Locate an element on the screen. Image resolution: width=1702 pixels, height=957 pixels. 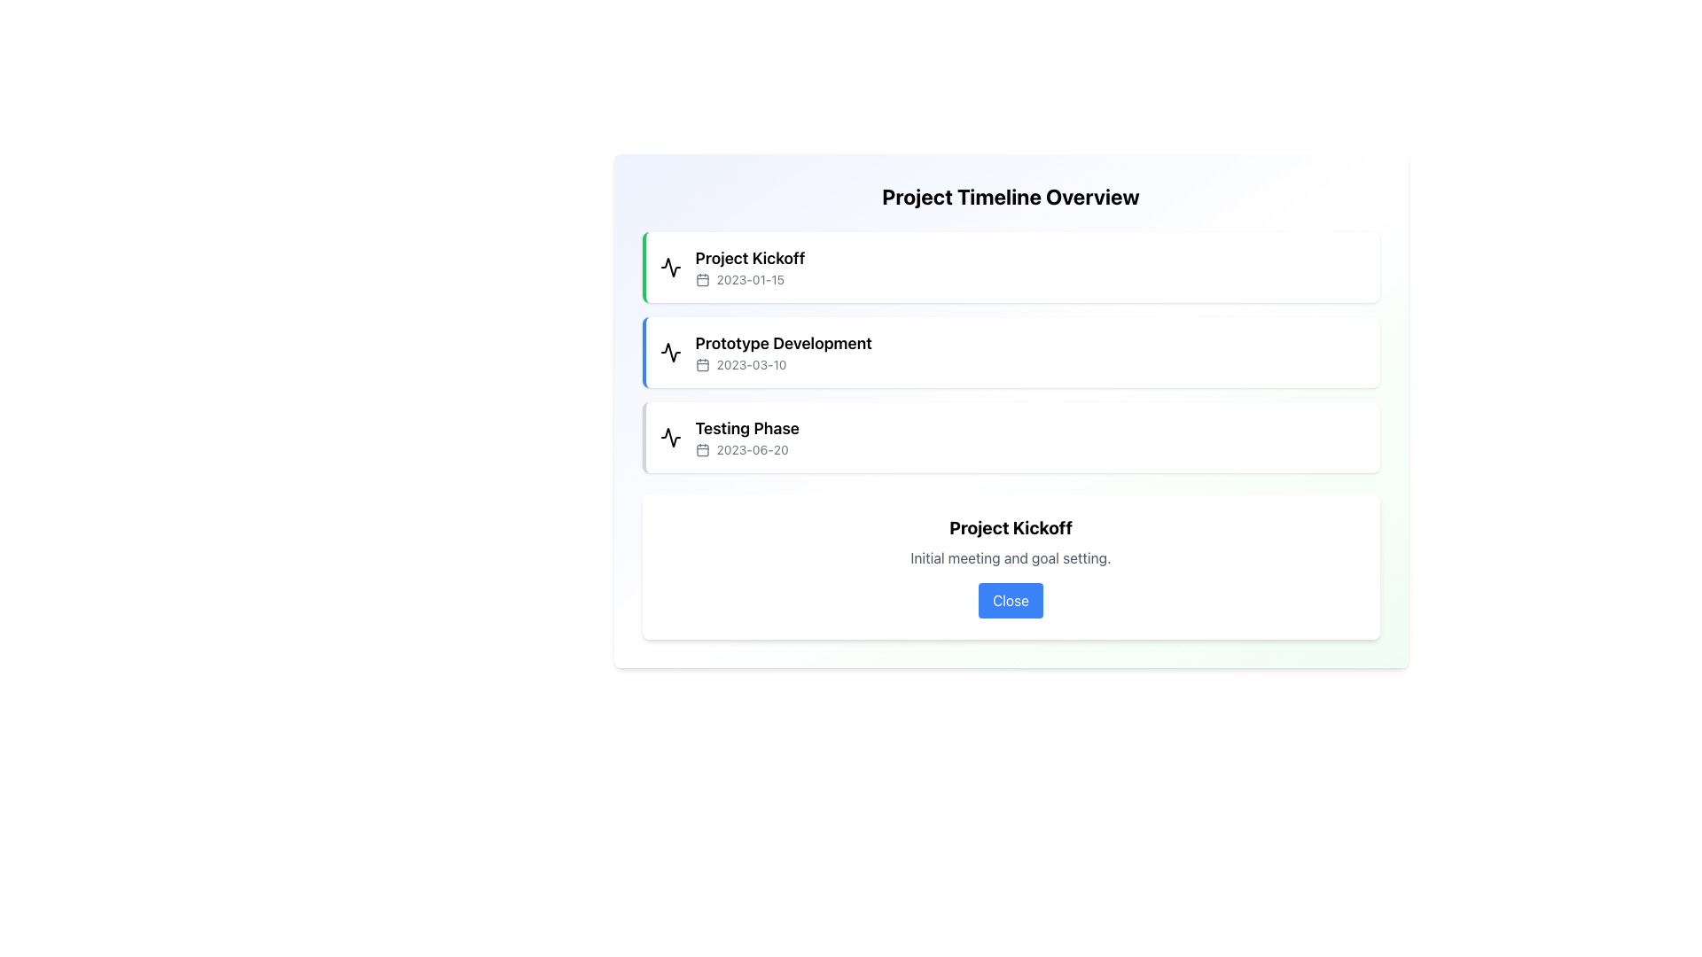
the date label with the calendar icon displaying '2023-03-10' in the 'Prototype Development' section of the timeline interface is located at coordinates (783, 364).